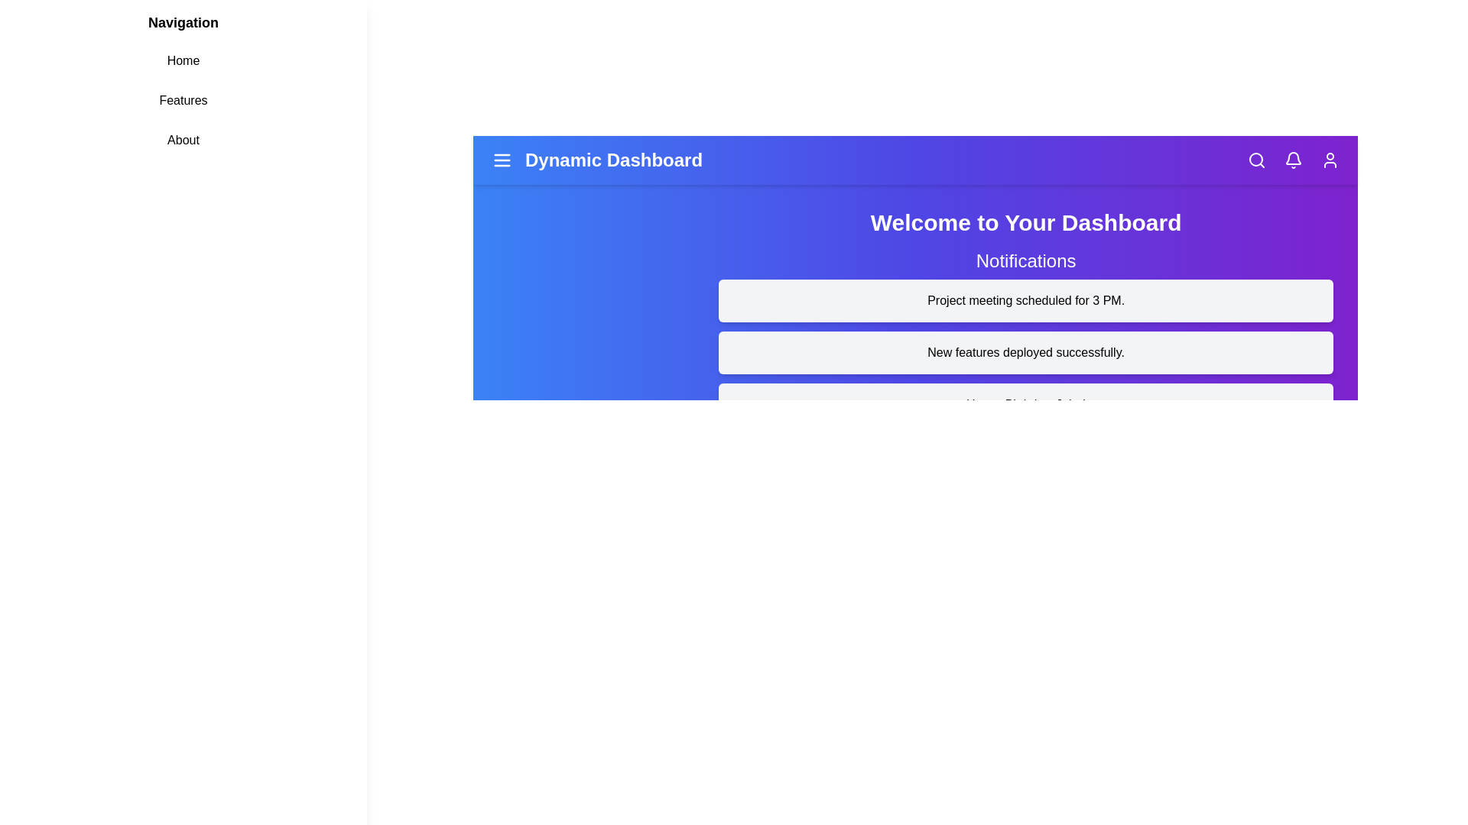 This screenshot has width=1468, height=825. What do you see at coordinates (183, 100) in the screenshot?
I see `the 'Features' link in the navigation menu` at bounding box center [183, 100].